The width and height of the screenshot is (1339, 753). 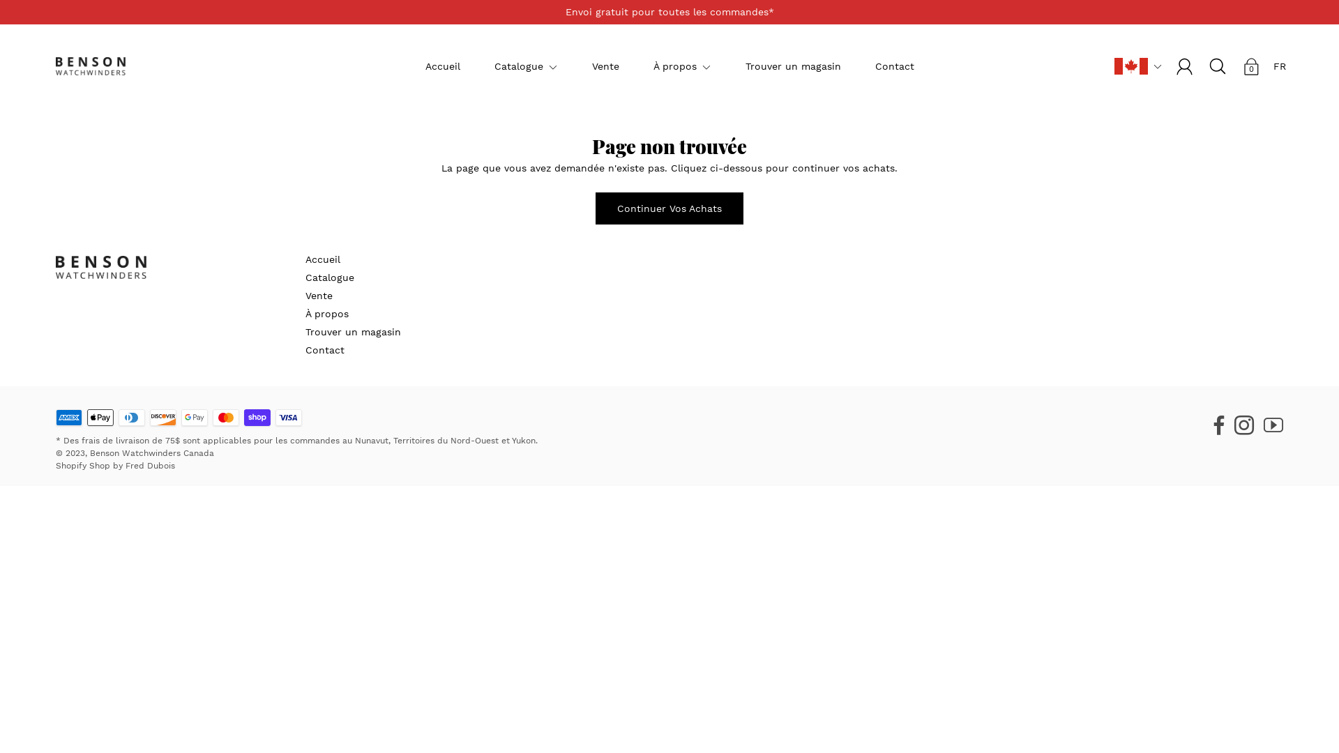 I want to click on 'Canadian website', so click(x=1114, y=65).